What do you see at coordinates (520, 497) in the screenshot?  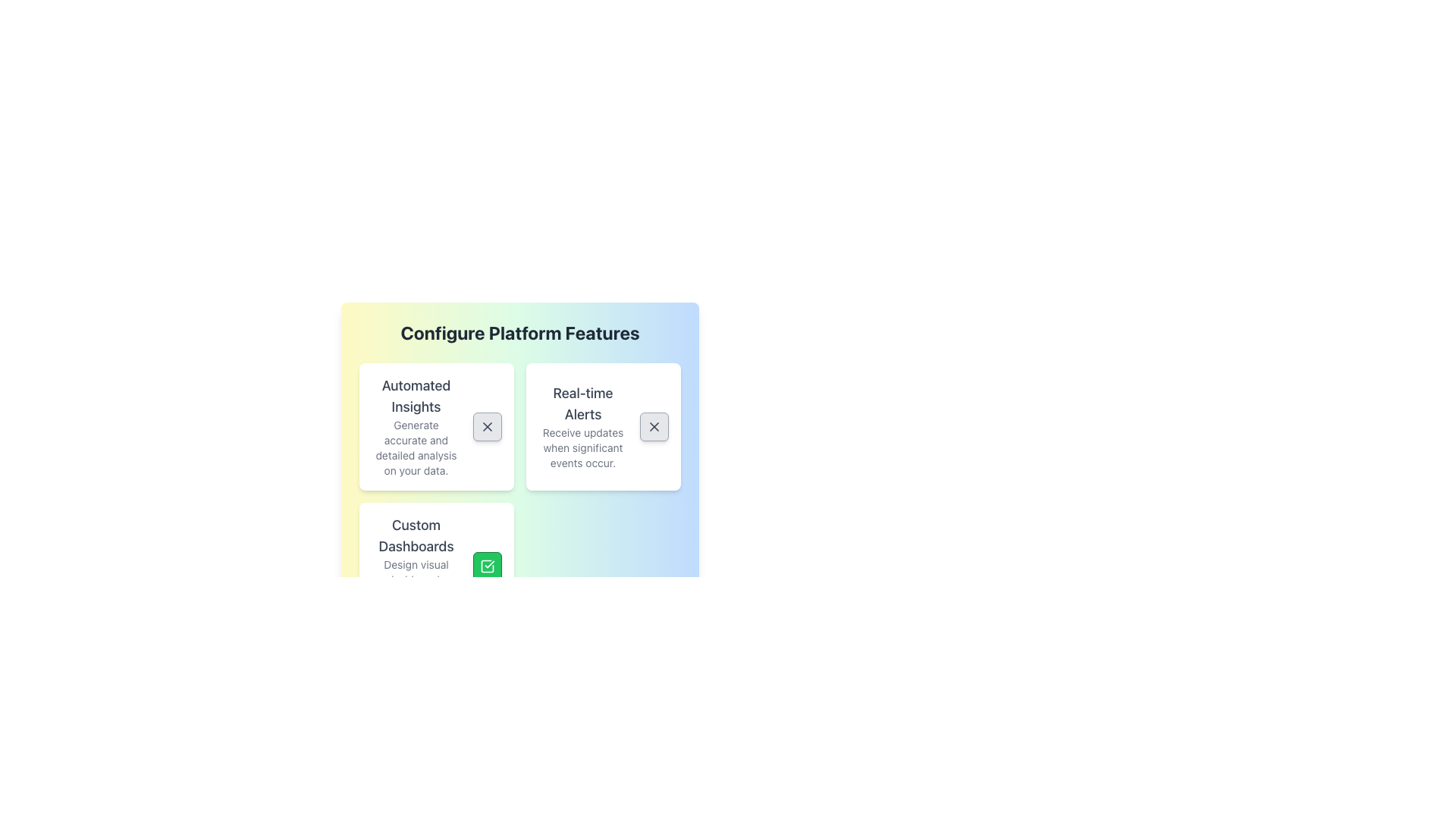 I see `the individual cards within the grid layout that contains feature descriptions such as 'Automated Insights,' 'Real-time Alerts,' and 'Custom Dashboards.'` at bounding box center [520, 497].